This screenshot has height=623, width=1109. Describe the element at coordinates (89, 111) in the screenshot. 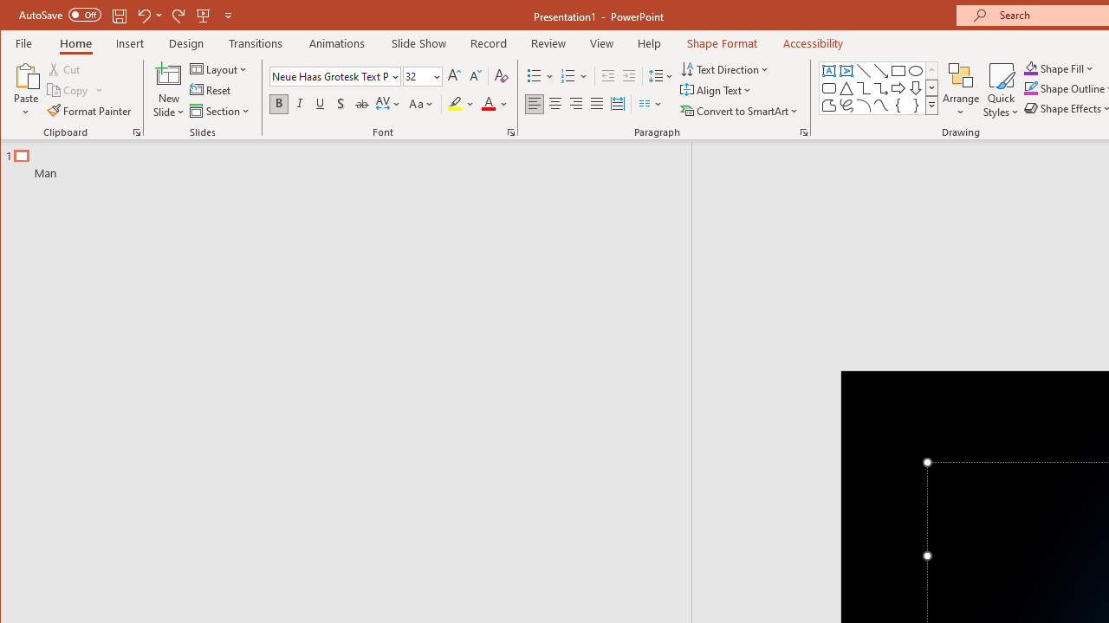

I see `'Format Painter'` at that location.